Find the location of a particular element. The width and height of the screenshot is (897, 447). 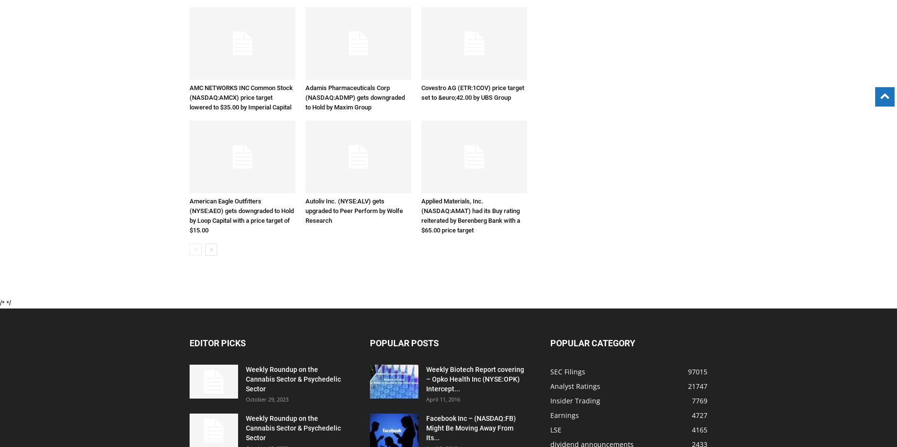

'Weekly Biotech Report covering – Opko Health Inc (NYSE:OPK)  Intercept...' is located at coordinates (474, 378).